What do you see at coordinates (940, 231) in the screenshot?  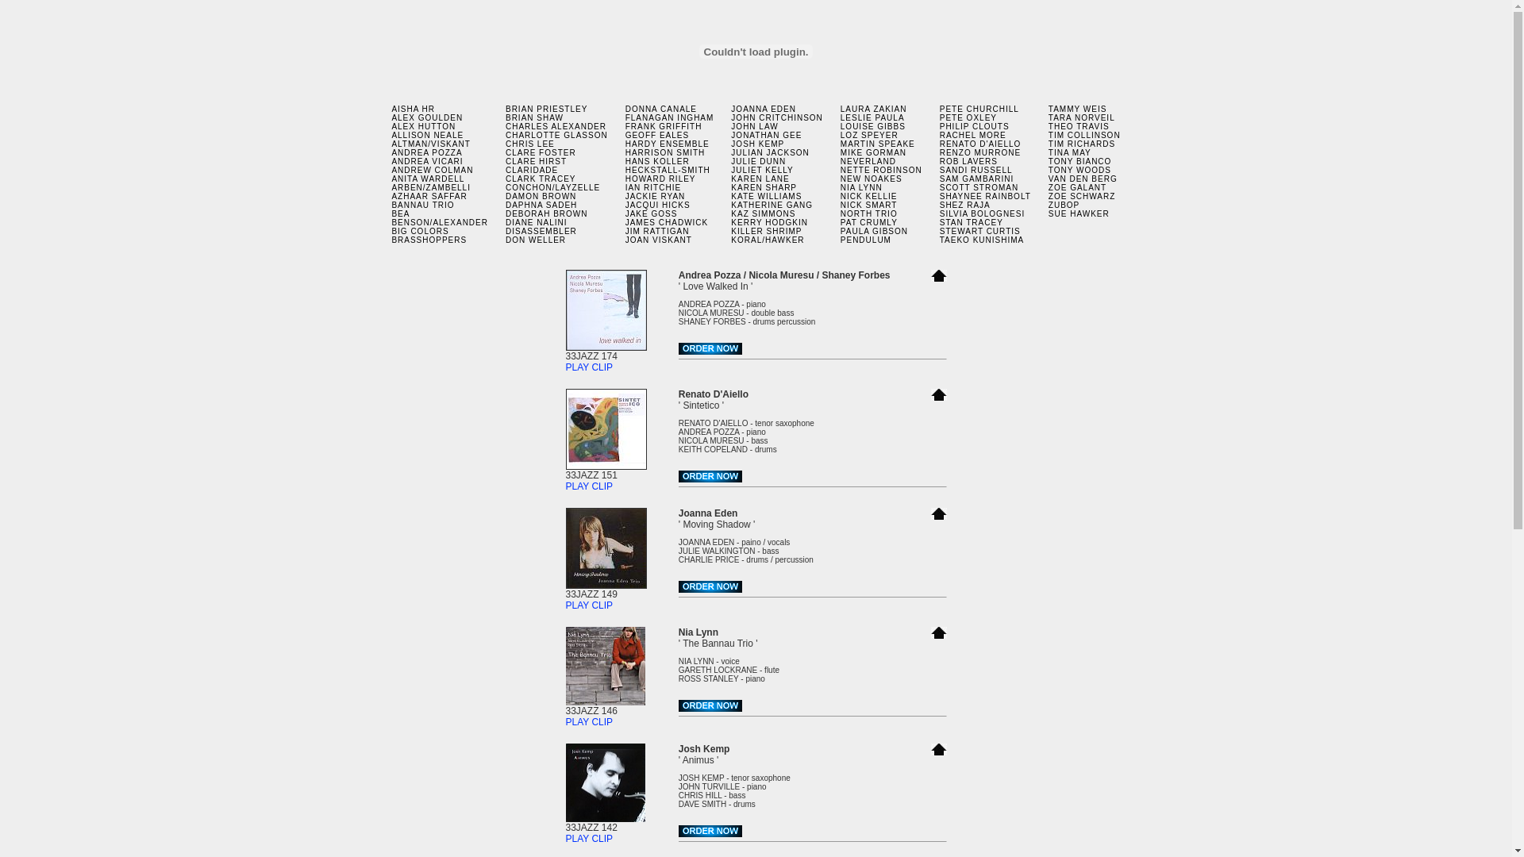 I see `'STEWART CURTIS'` at bounding box center [940, 231].